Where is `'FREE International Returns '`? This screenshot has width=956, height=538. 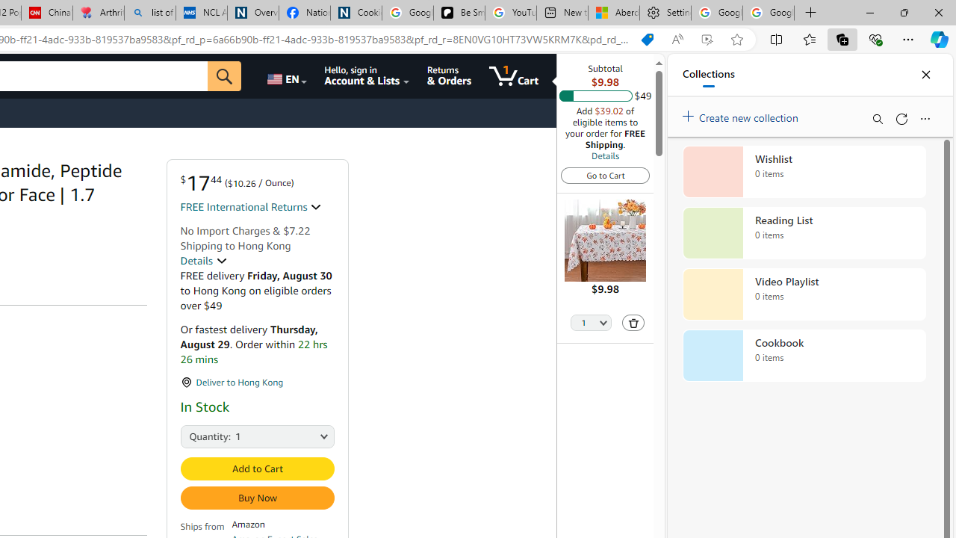
'FREE International Returns ' is located at coordinates (251, 207).